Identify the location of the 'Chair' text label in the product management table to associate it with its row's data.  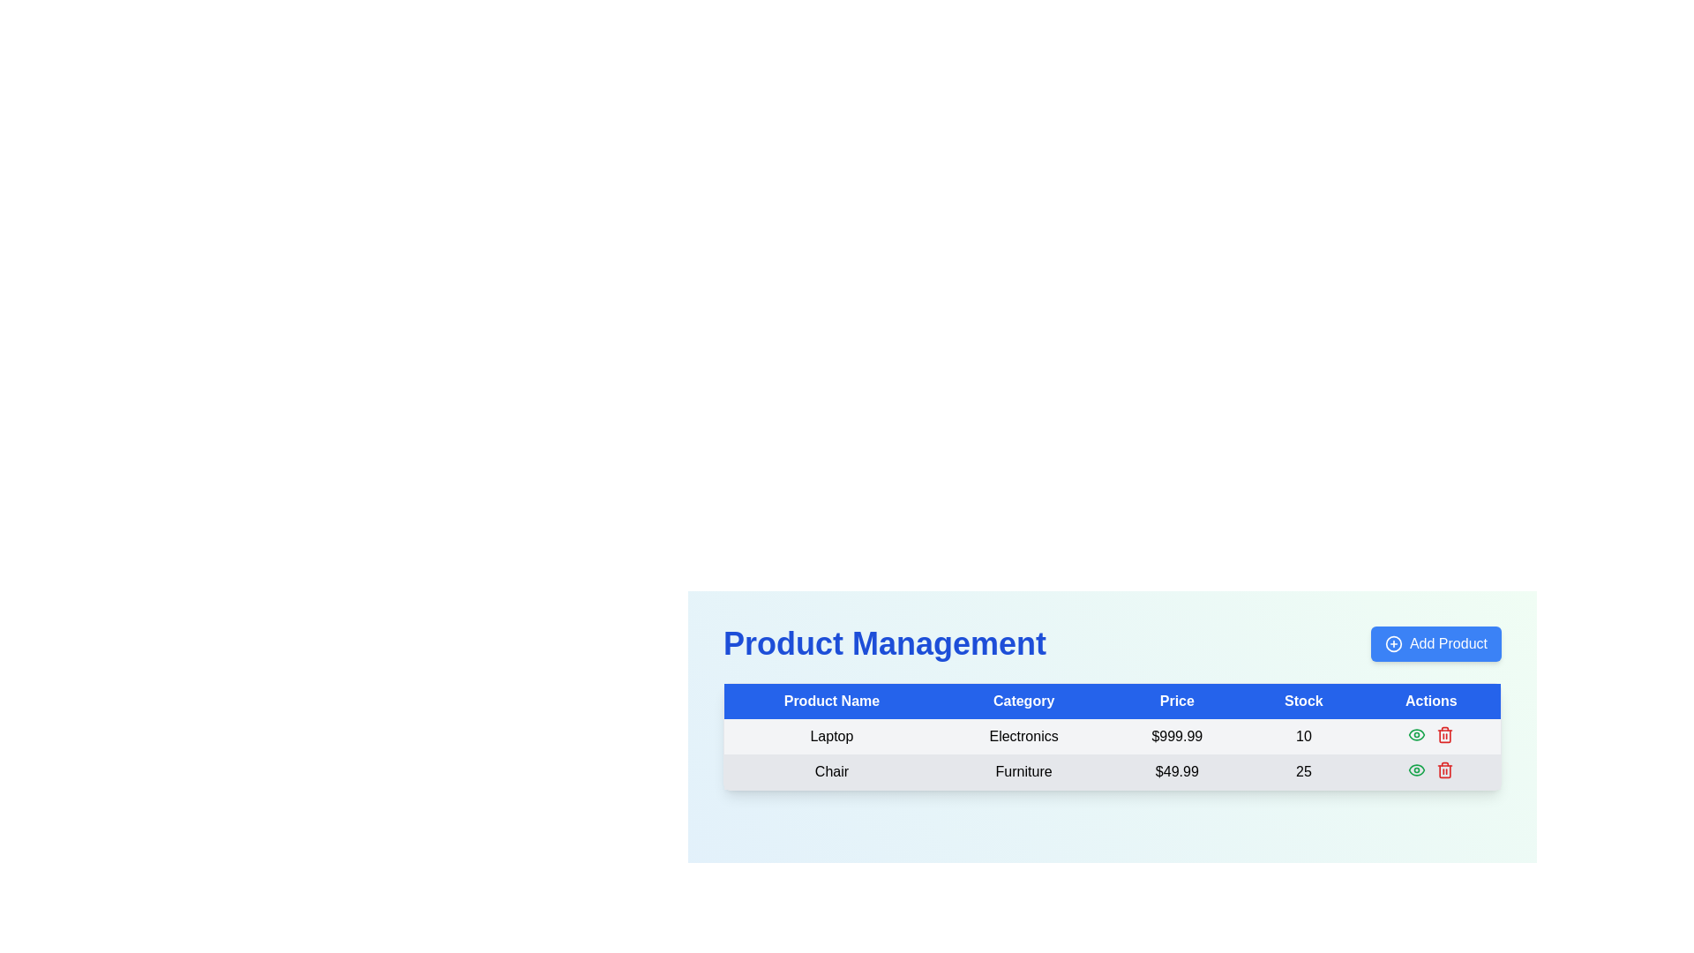
(830, 771).